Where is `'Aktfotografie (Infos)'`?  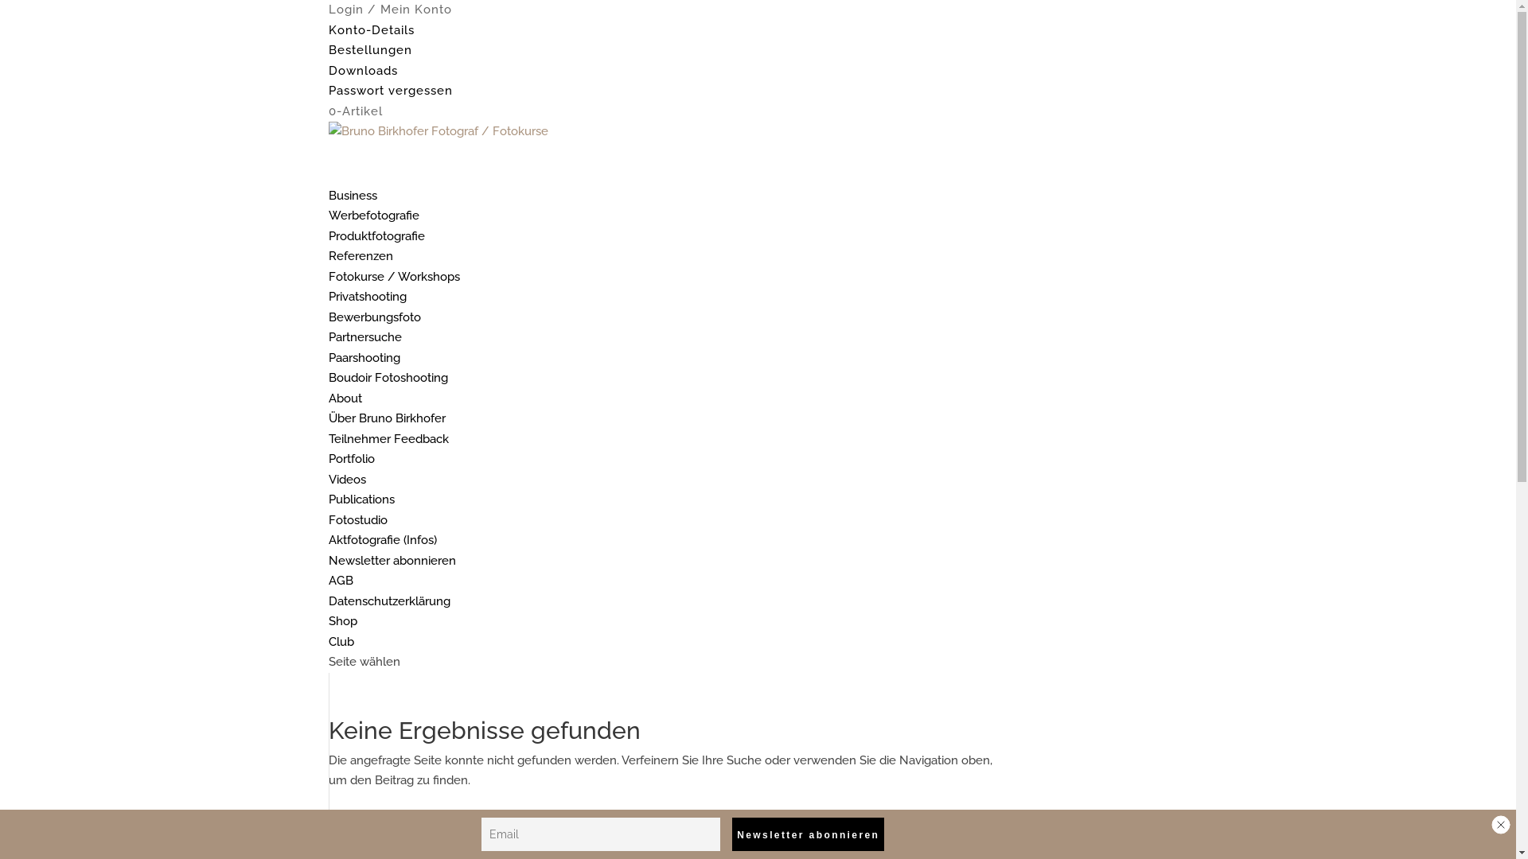
'Aktfotografie (Infos)' is located at coordinates (382, 538).